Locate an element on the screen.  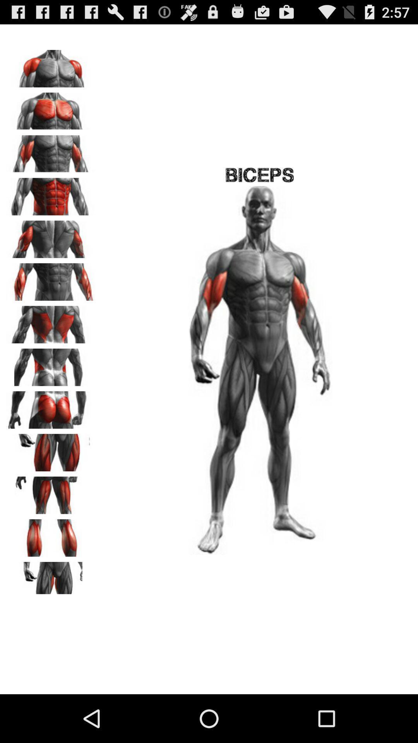
back side of the body is located at coordinates (51, 322).